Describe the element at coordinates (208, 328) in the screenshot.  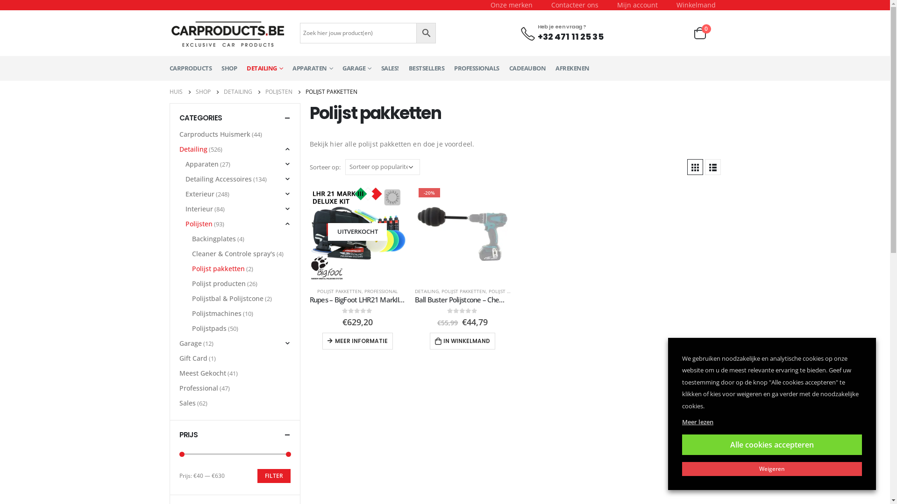
I see `'Polijstpads'` at that location.